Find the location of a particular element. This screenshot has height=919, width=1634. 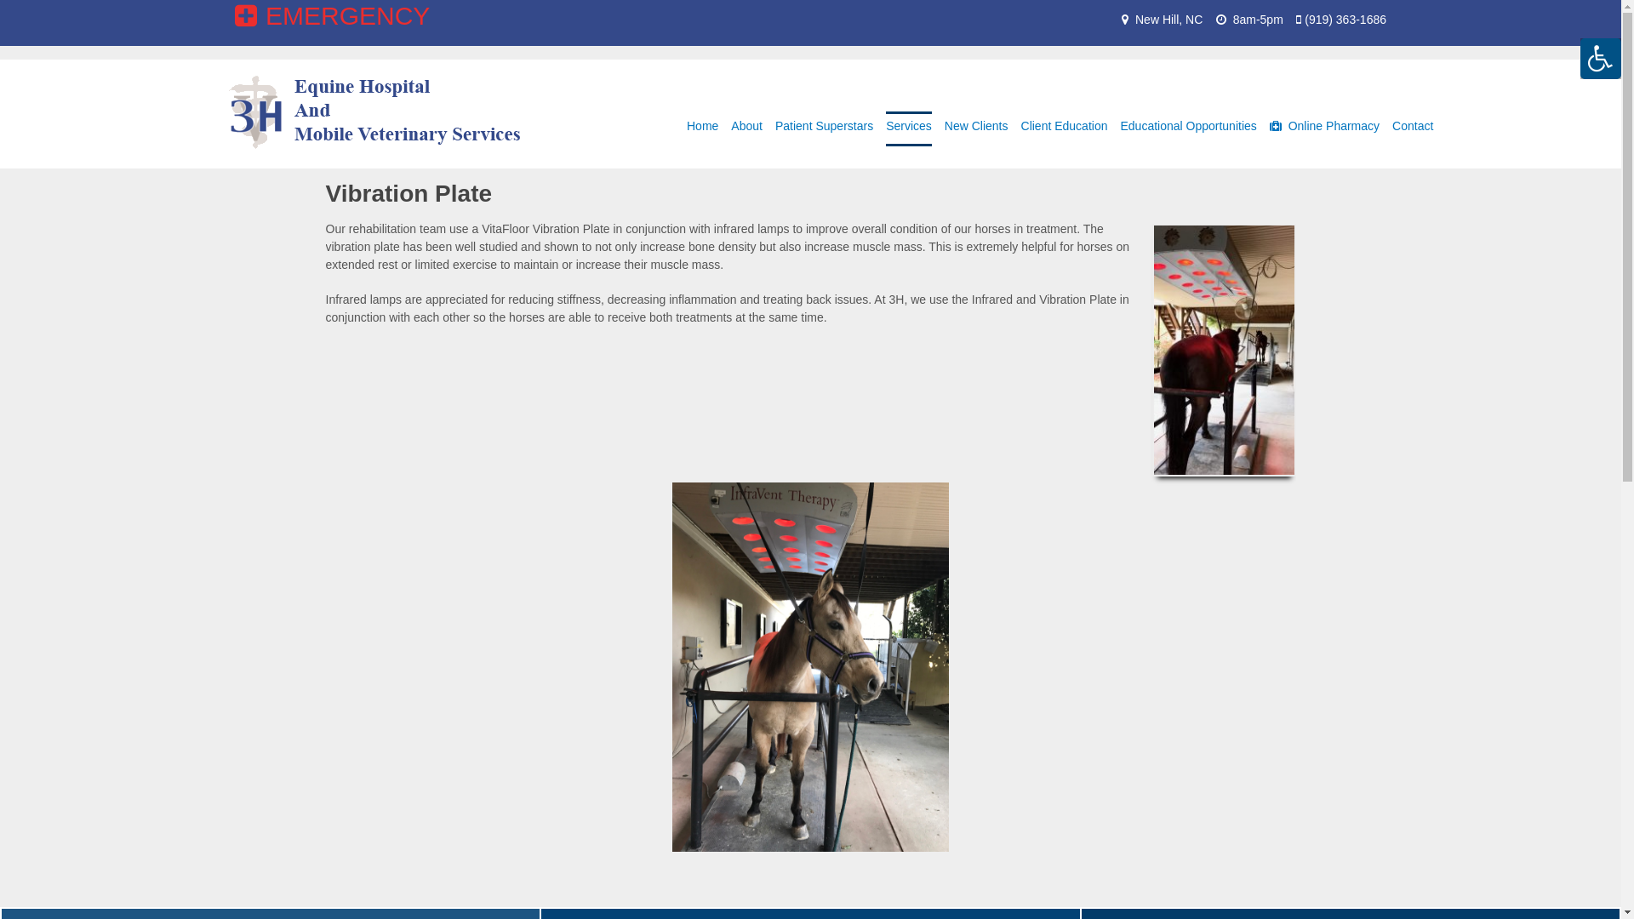

'About' is located at coordinates (731, 132).